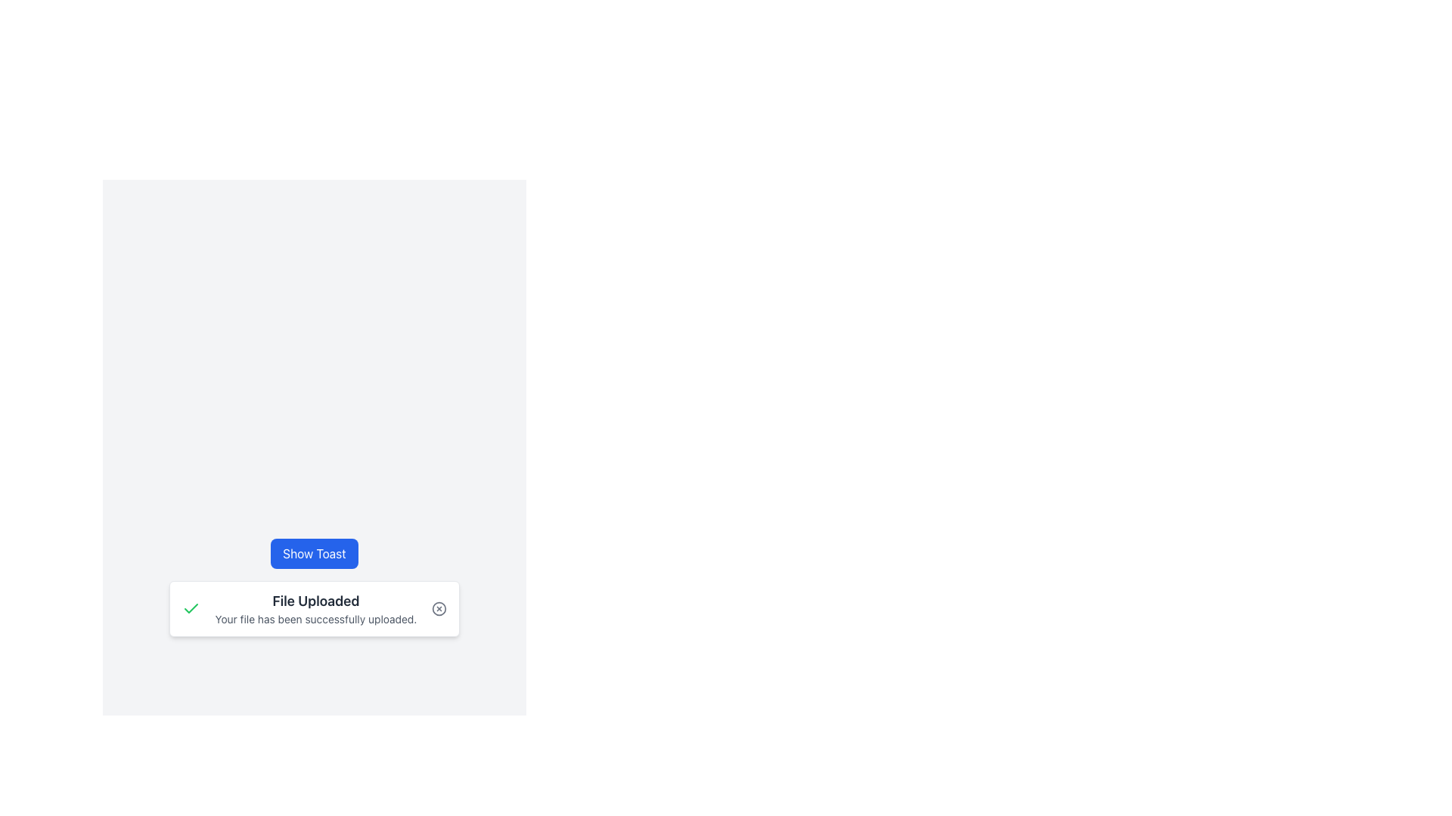 This screenshot has width=1452, height=816. Describe the element at coordinates (315, 620) in the screenshot. I see `the confirmation message text located beneath the 'File Uploaded' heading in the notification box` at that location.